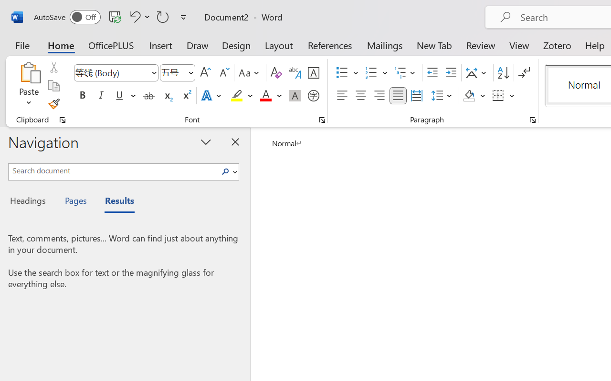 The image size is (611, 381). Describe the element at coordinates (519, 45) in the screenshot. I see `'View'` at that location.